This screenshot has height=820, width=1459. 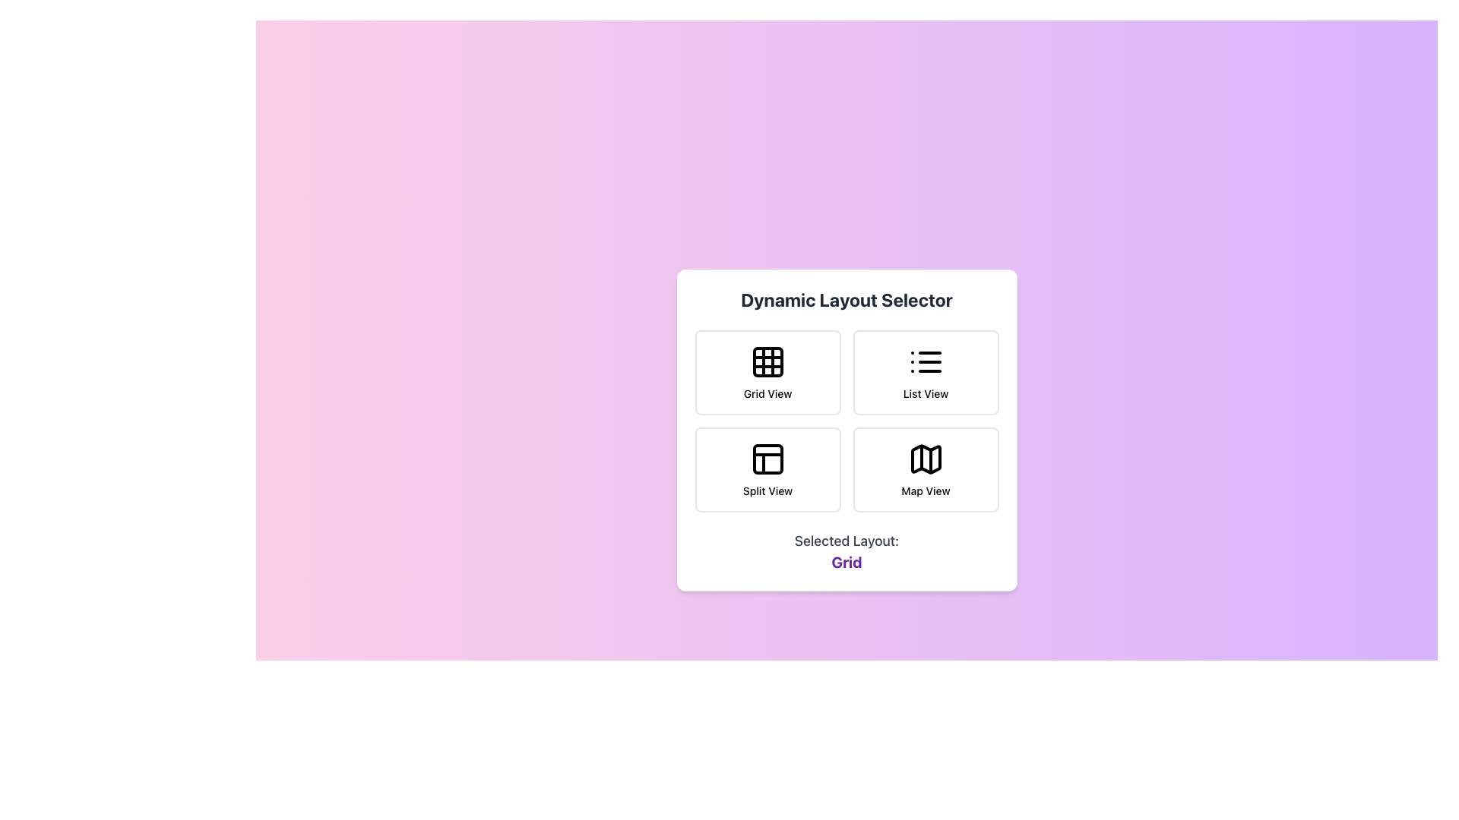 What do you see at coordinates (925, 393) in the screenshot?
I see `the 'List View' text label, which is positioned below the list structure icon in the 'Dynamic Layout Selector'` at bounding box center [925, 393].